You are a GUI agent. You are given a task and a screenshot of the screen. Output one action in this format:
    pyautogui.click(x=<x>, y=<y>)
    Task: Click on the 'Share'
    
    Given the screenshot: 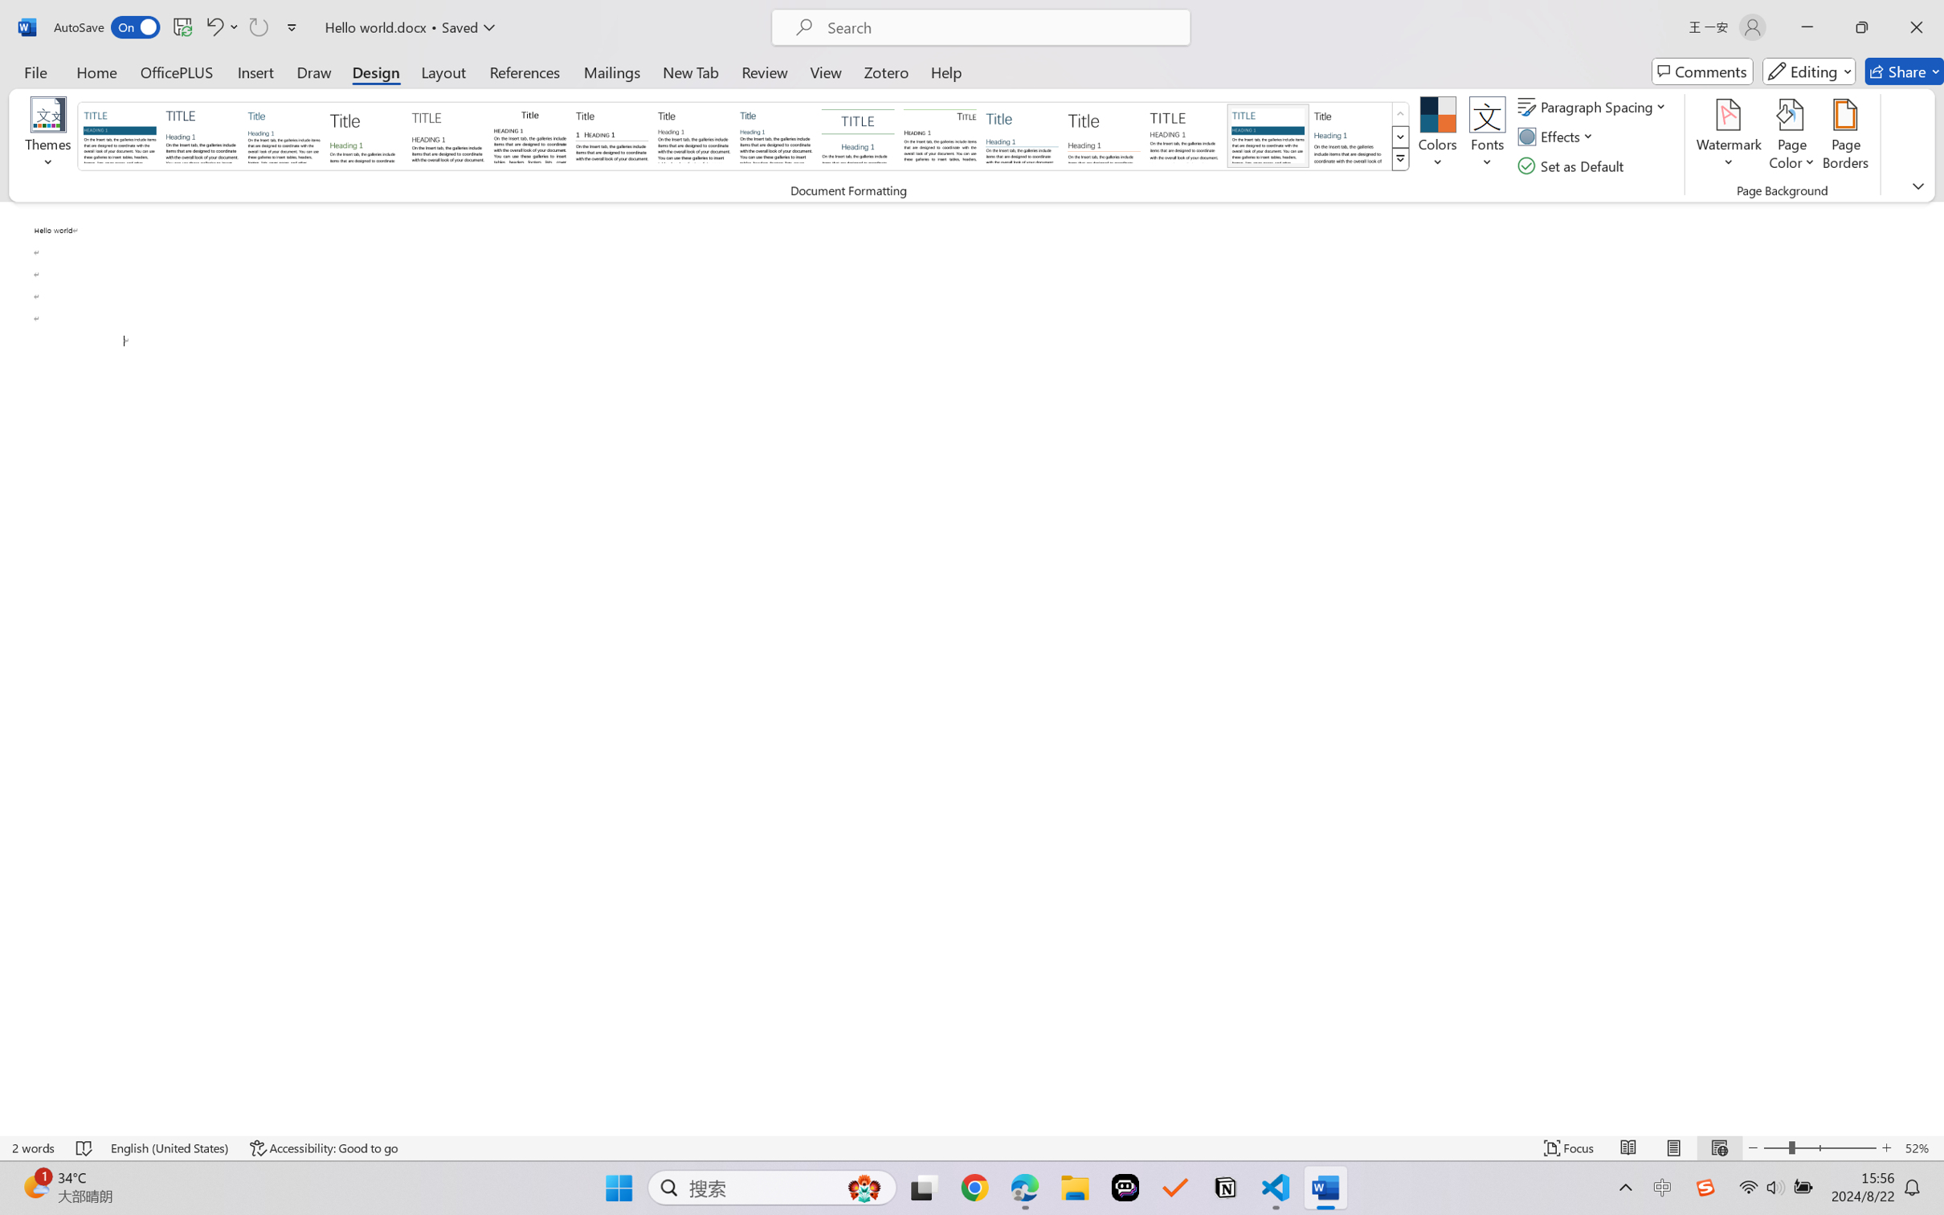 What is the action you would take?
    pyautogui.click(x=1904, y=71)
    